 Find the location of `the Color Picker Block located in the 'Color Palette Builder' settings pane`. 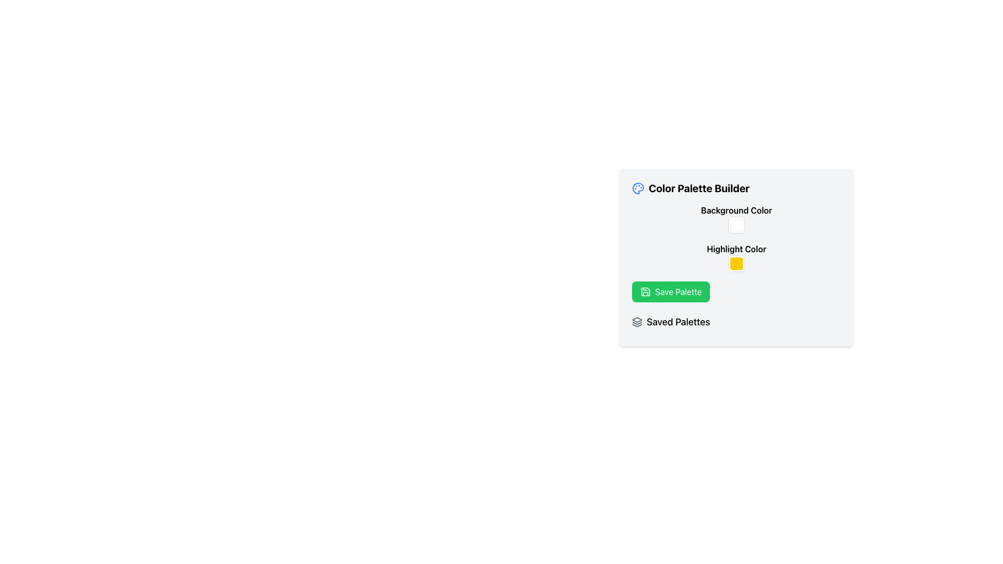

the Color Picker Block located in the 'Color Palette Builder' settings pane is located at coordinates (736, 225).